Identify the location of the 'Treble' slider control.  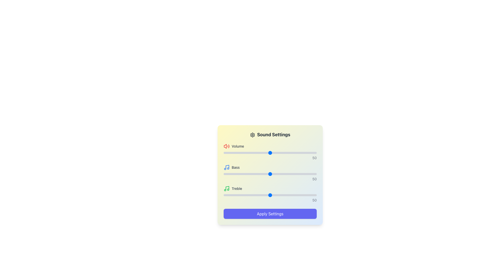
(270, 194).